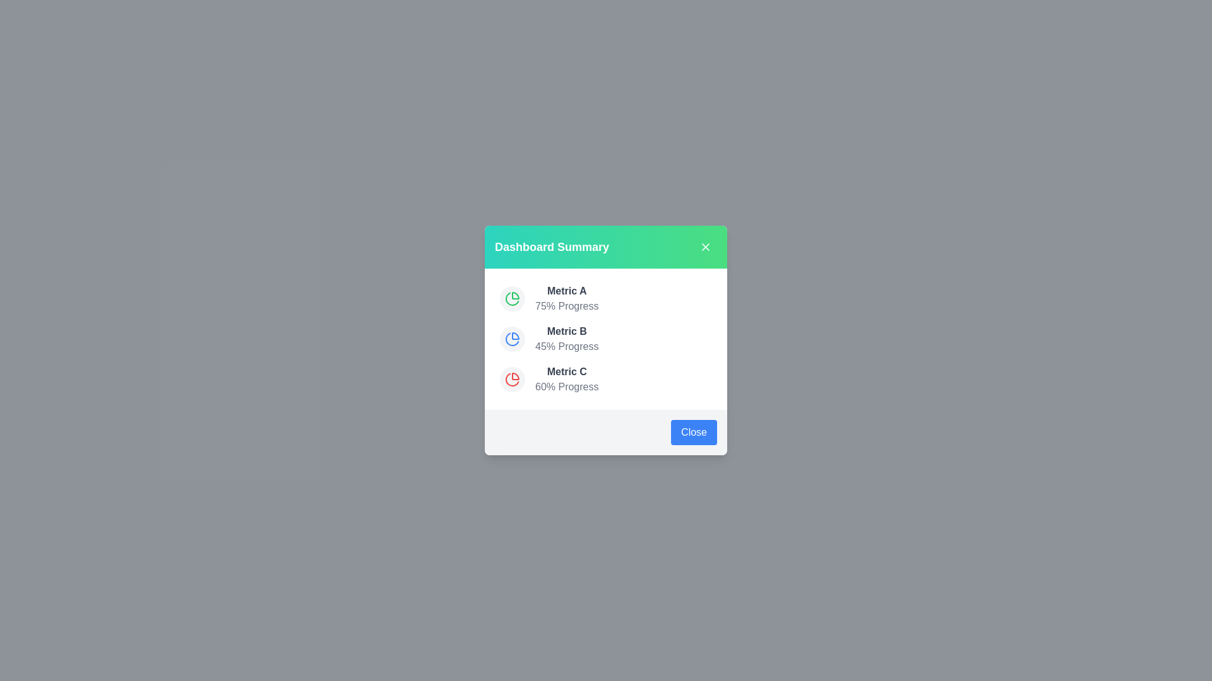 This screenshot has height=681, width=1212. Describe the element at coordinates (705, 247) in the screenshot. I see `the 'X' button in the top-right corner of the dialog to close it` at that location.